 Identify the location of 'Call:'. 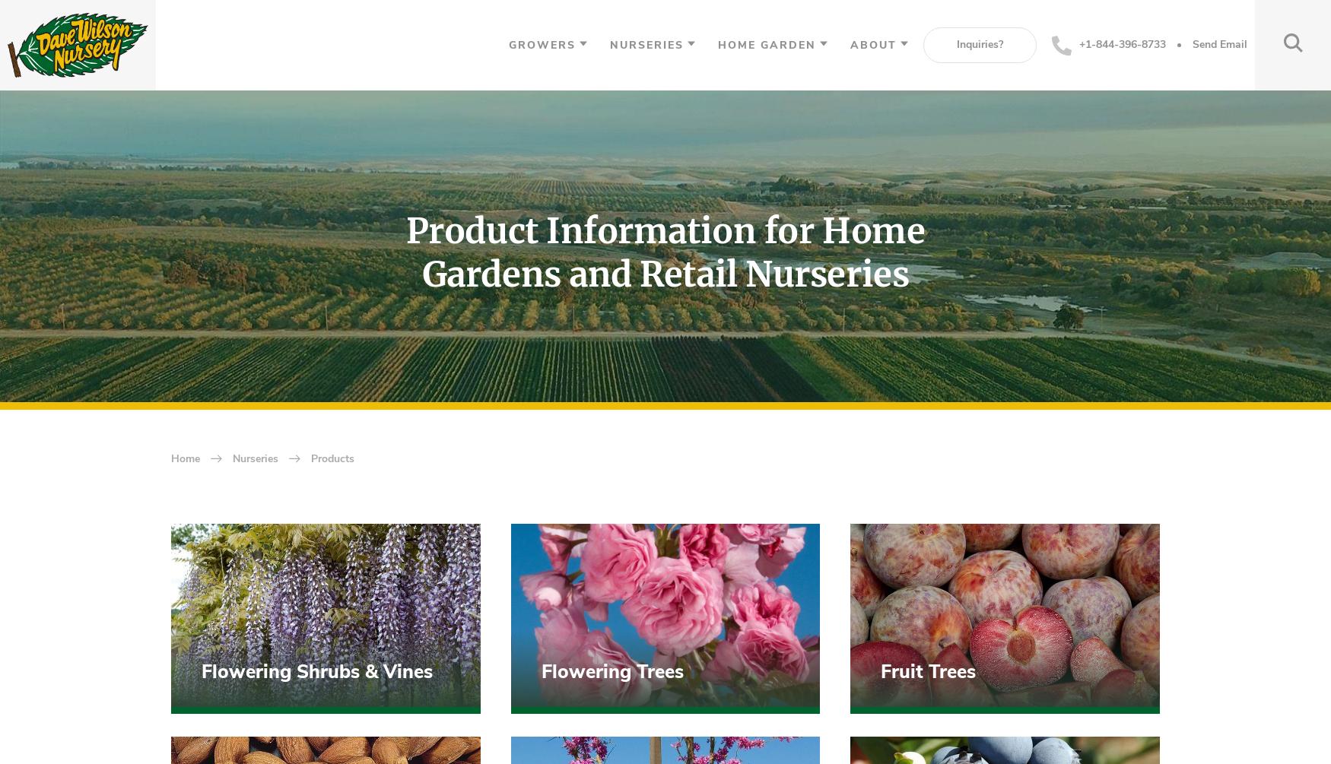
(193, 677).